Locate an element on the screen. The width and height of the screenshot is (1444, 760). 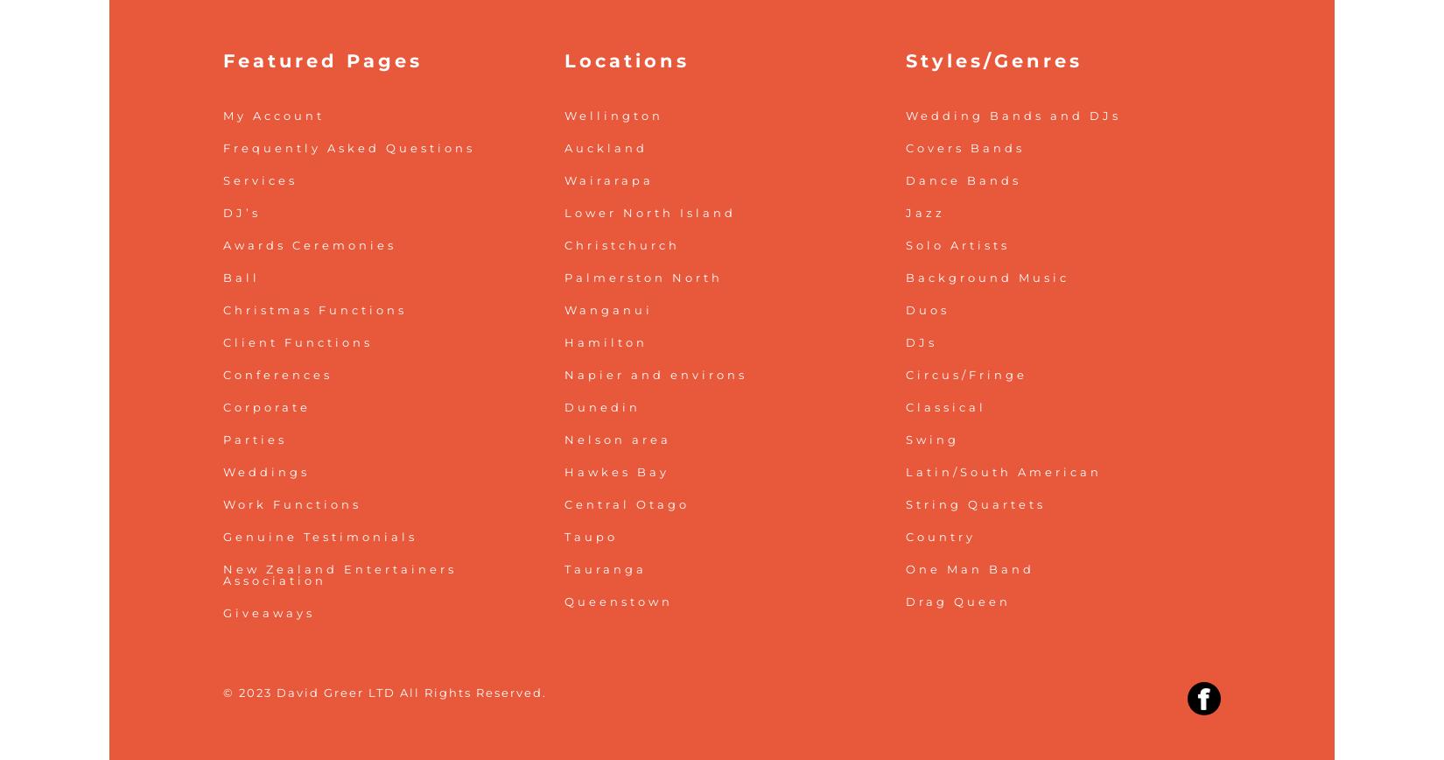
'Conferences' is located at coordinates (277, 373).